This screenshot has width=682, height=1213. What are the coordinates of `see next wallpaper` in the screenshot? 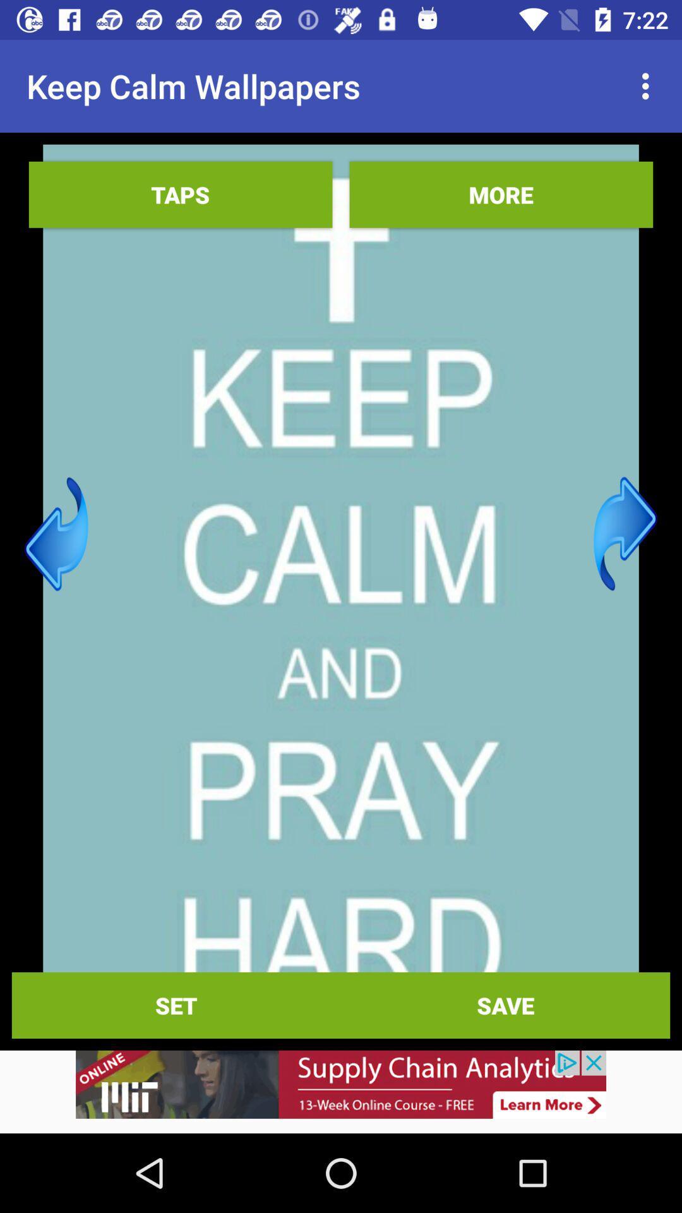 It's located at (625, 534).